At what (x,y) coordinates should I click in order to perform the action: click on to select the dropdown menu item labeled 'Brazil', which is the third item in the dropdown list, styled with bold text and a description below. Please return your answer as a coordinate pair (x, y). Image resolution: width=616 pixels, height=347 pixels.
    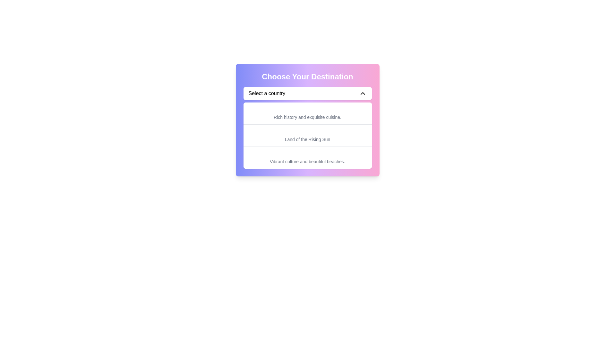
    Looking at the image, I should click on (307, 157).